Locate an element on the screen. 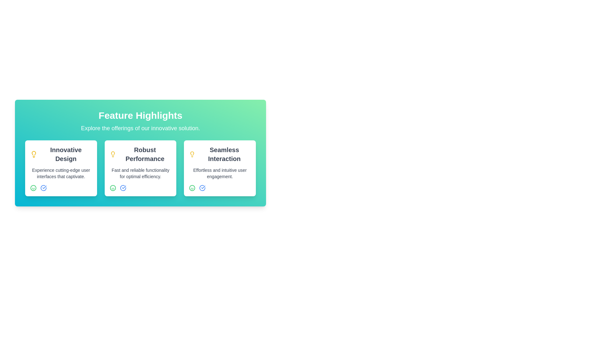 Image resolution: width=611 pixels, height=343 pixels. the confirmation action icon, which is the second icon in a row of three within the feature card group is located at coordinates (123, 187).